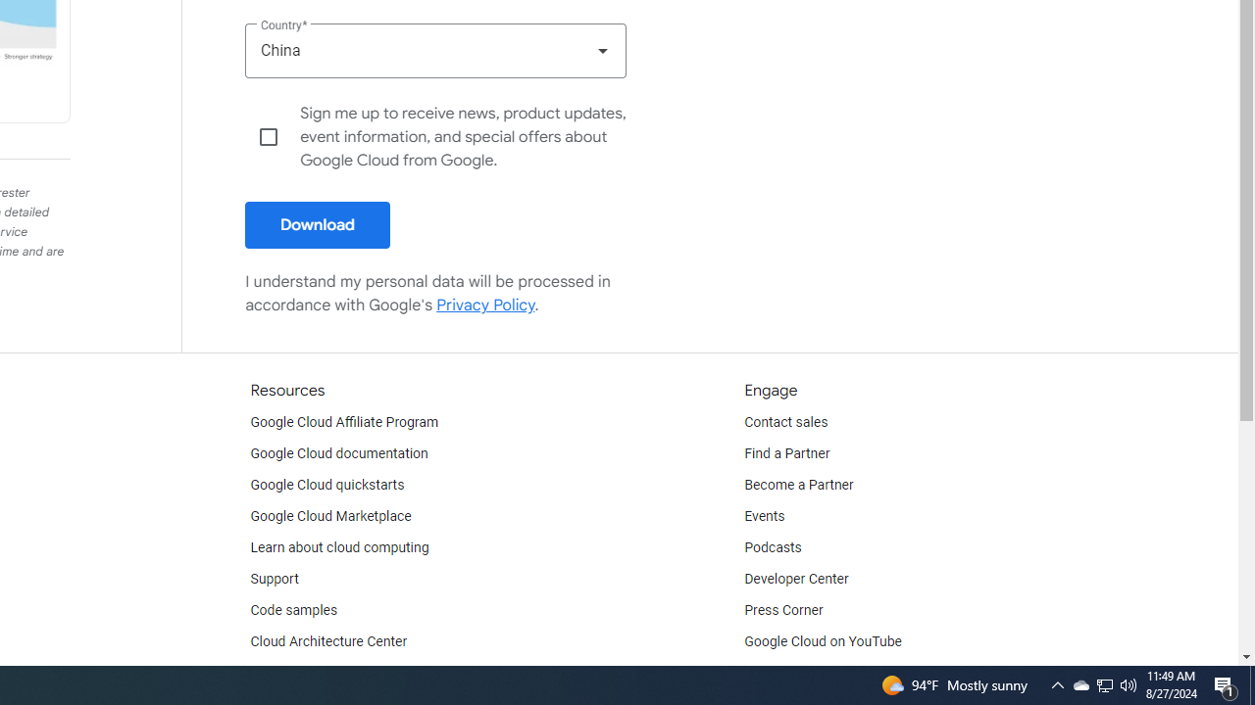 Image resolution: width=1255 pixels, height=705 pixels. What do you see at coordinates (772, 548) in the screenshot?
I see `'Podcasts'` at bounding box center [772, 548].